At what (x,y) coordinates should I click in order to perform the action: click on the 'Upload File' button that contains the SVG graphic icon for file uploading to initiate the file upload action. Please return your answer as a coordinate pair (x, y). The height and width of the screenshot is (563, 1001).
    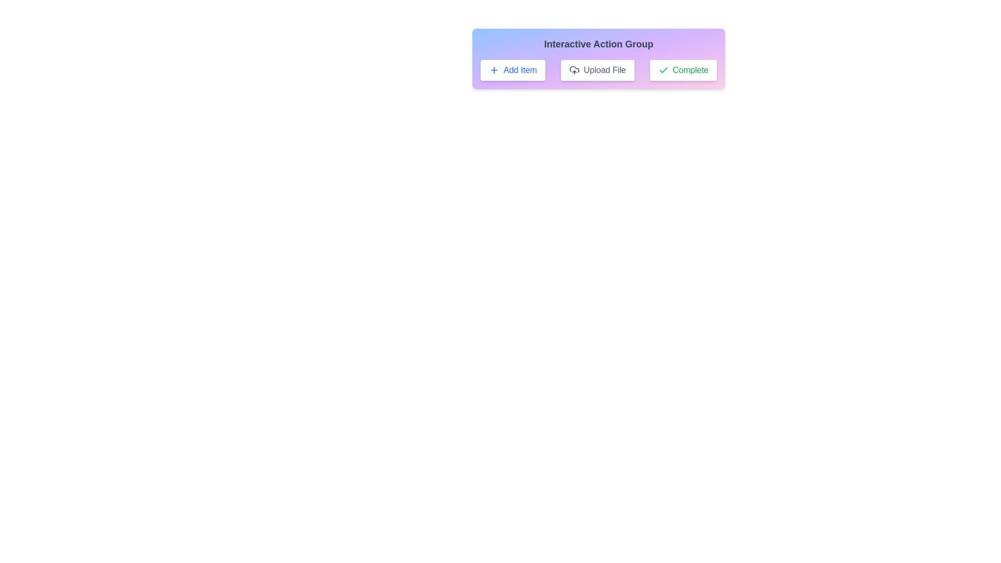
    Looking at the image, I should click on (573, 69).